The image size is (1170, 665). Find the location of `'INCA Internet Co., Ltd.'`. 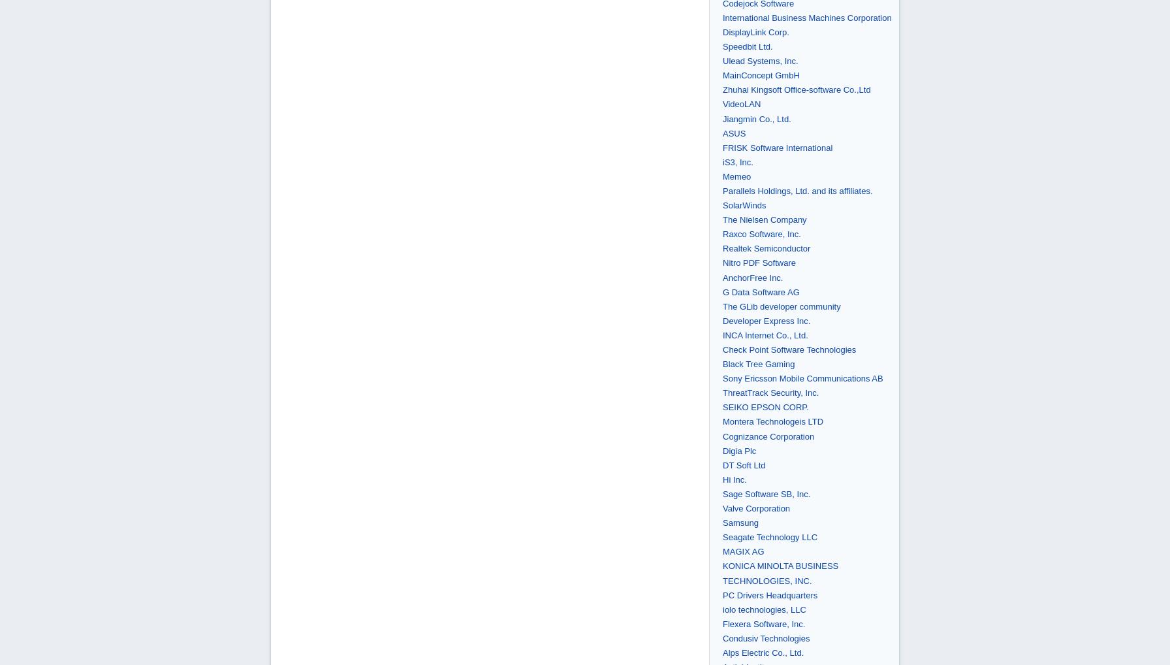

'INCA Internet Co., Ltd.' is located at coordinates (765, 334).